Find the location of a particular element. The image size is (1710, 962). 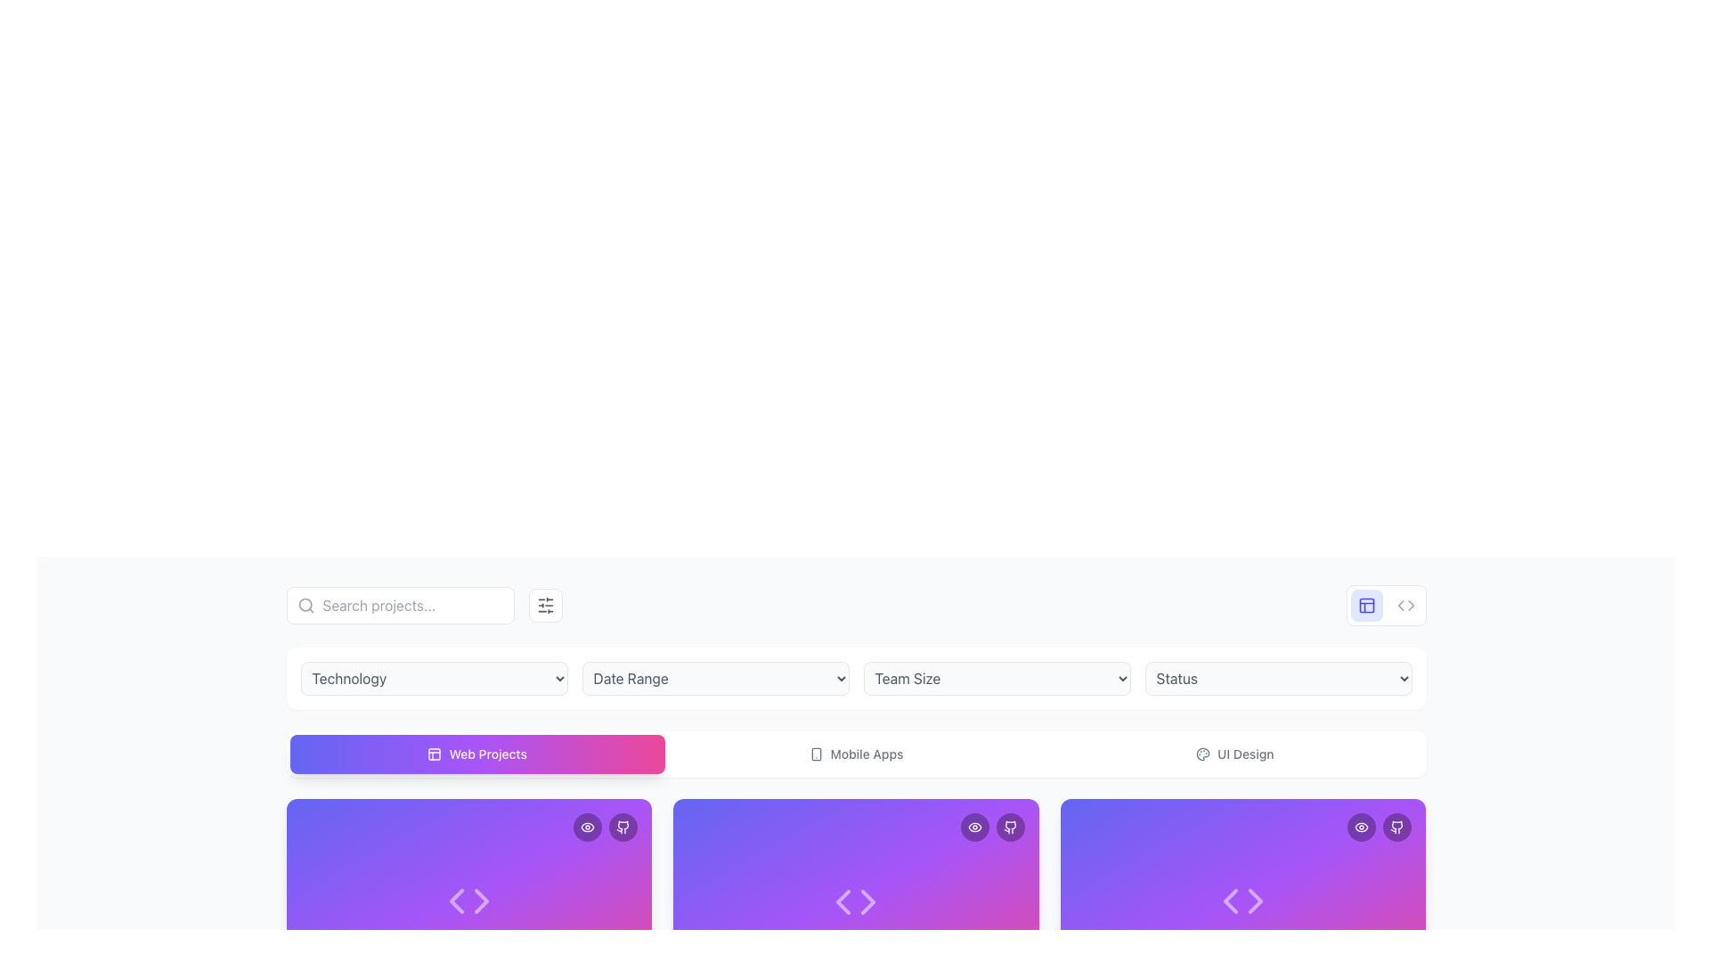

the second button from the right in the top-right corner of the purple project card is located at coordinates (1396, 827).